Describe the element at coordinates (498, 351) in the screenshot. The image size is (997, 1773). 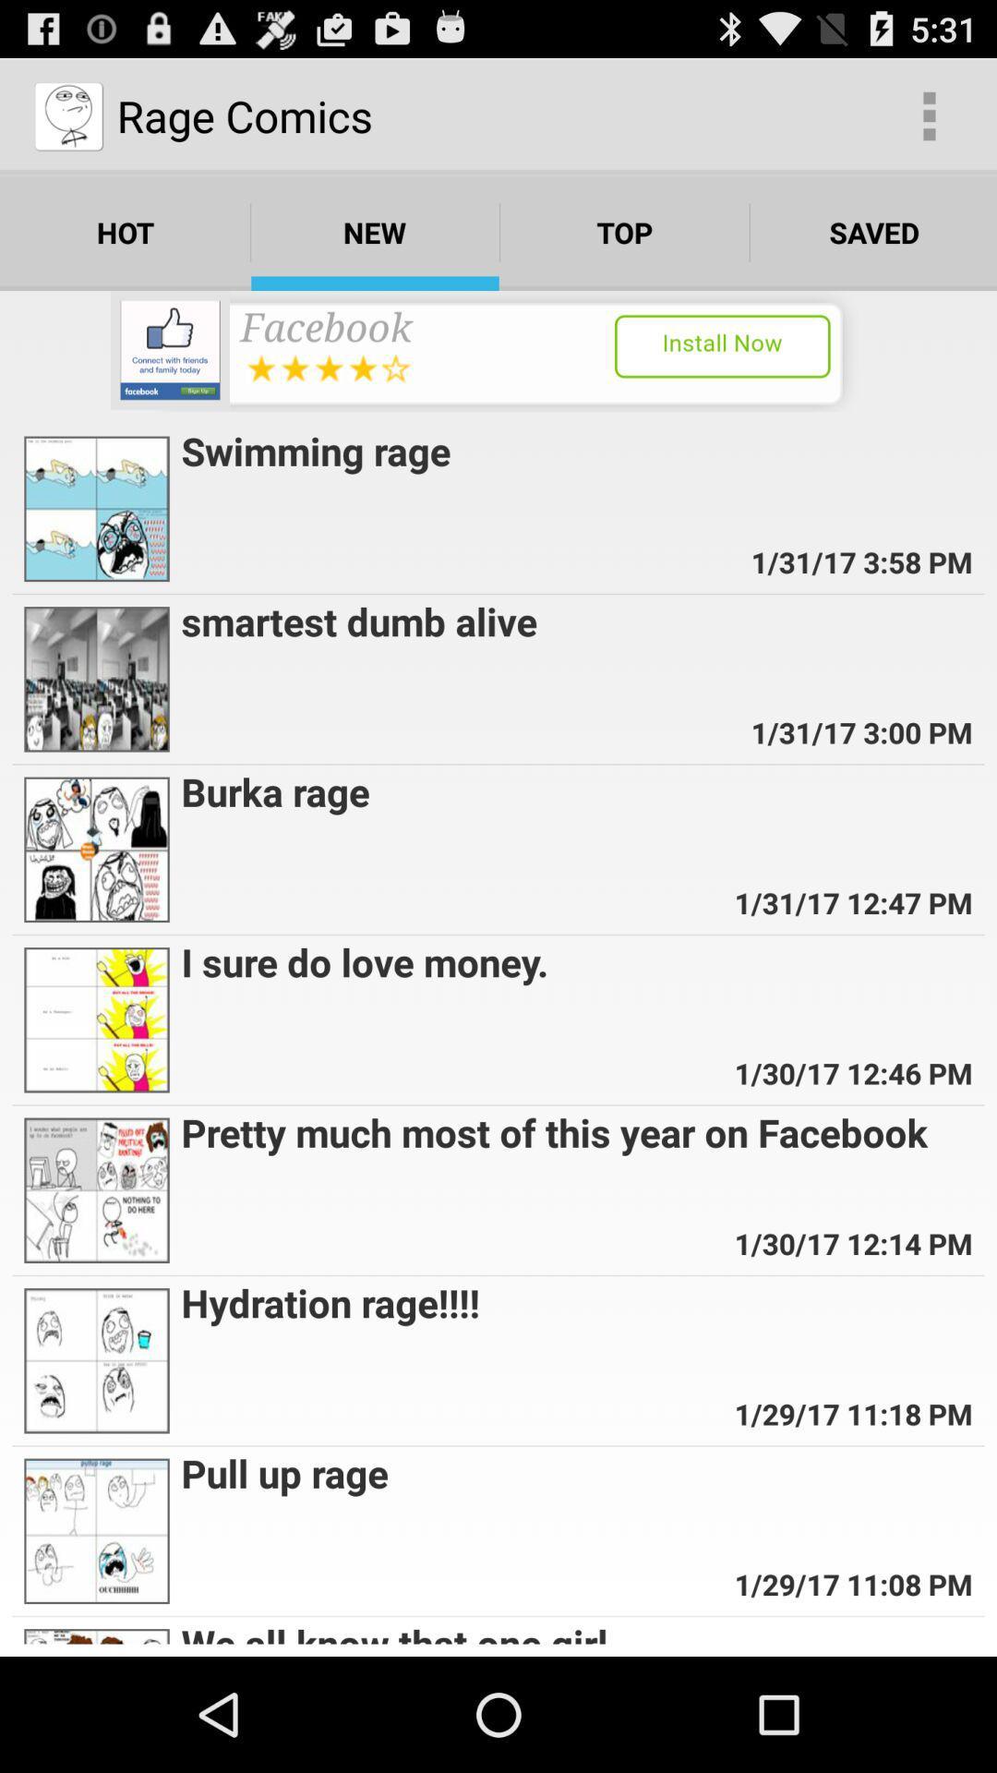
I see `install facebook app` at that location.